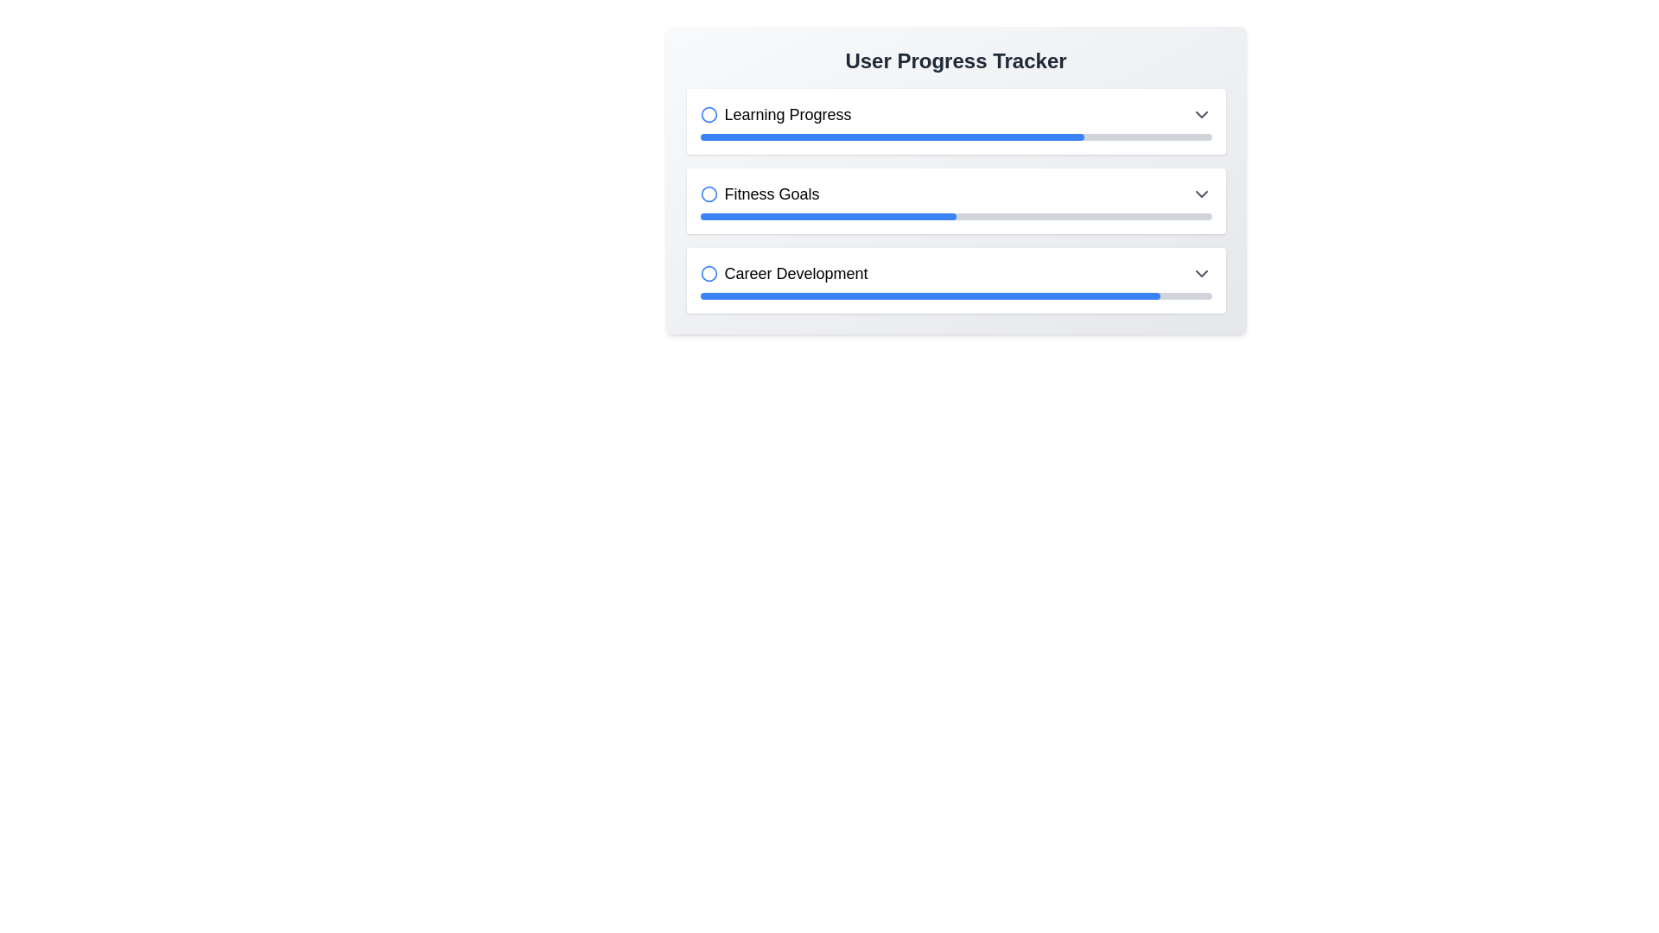 The image size is (1659, 933). Describe the element at coordinates (709, 272) in the screenshot. I see `the circular graphical element located in the 'Career Development' section of the user progress tracker` at that location.